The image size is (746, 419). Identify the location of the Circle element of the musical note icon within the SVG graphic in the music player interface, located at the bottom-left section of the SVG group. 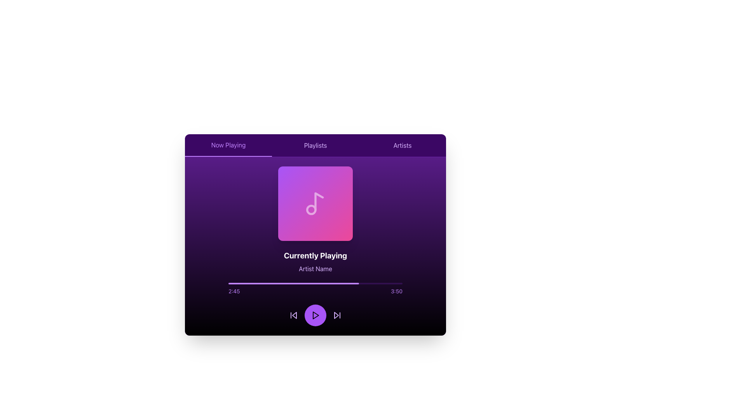
(311, 209).